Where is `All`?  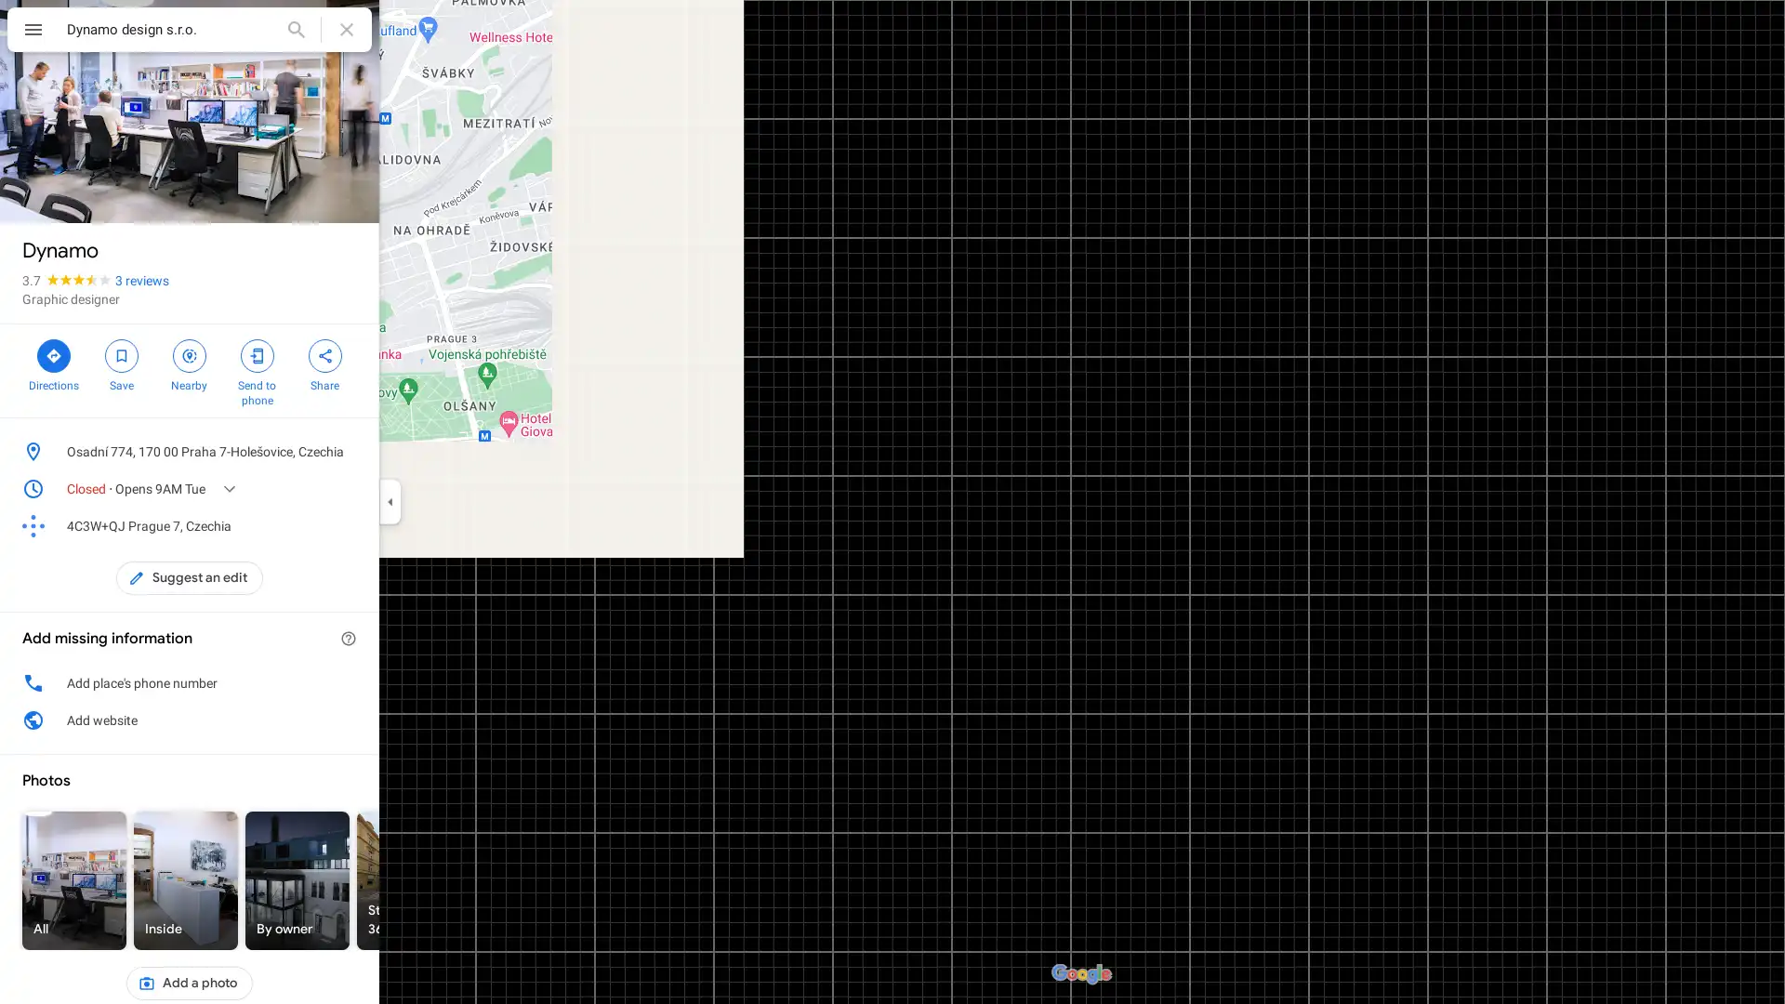 All is located at coordinates (74, 879).